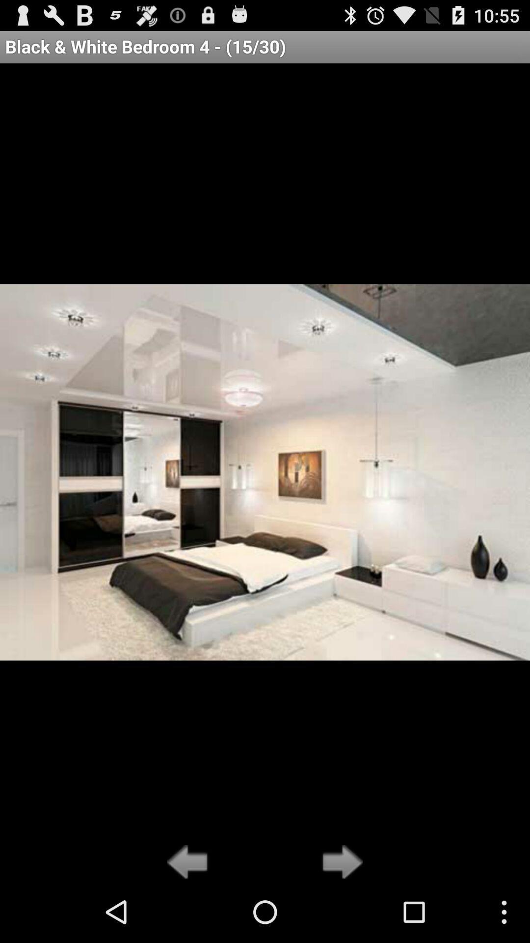  Describe the element at coordinates (190, 862) in the screenshot. I see `previous` at that location.